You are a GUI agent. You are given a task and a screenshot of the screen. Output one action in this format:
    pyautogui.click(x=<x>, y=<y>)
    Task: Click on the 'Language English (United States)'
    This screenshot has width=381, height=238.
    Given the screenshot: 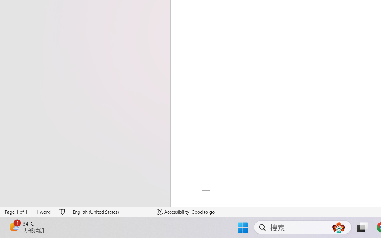 What is the action you would take?
    pyautogui.click(x=110, y=212)
    